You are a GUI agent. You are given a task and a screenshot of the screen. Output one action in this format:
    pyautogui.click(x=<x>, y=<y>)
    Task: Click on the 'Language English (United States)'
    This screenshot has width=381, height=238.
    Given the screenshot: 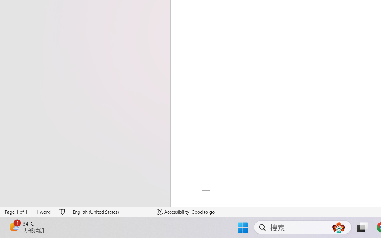 What is the action you would take?
    pyautogui.click(x=110, y=212)
    